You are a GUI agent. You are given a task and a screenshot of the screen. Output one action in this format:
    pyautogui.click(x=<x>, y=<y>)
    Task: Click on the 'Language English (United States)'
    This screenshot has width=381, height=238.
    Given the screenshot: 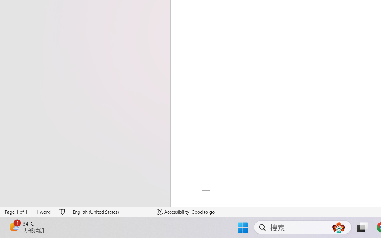 What is the action you would take?
    pyautogui.click(x=110, y=212)
    